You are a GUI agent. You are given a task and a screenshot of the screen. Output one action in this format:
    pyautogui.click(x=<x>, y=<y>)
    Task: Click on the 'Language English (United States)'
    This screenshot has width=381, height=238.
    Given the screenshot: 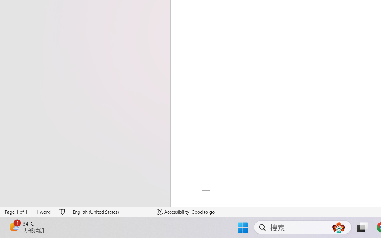 What is the action you would take?
    pyautogui.click(x=110, y=212)
    